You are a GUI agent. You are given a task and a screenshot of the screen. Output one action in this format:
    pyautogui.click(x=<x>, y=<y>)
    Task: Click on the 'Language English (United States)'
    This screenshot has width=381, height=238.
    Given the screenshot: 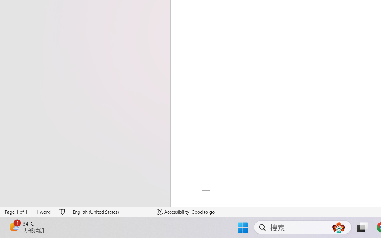 What is the action you would take?
    pyautogui.click(x=110, y=212)
    